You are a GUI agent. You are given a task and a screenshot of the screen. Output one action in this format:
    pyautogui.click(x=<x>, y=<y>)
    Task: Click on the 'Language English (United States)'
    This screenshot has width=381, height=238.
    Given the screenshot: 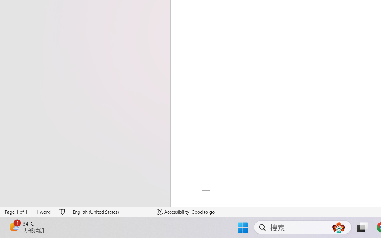 What is the action you would take?
    pyautogui.click(x=110, y=212)
    